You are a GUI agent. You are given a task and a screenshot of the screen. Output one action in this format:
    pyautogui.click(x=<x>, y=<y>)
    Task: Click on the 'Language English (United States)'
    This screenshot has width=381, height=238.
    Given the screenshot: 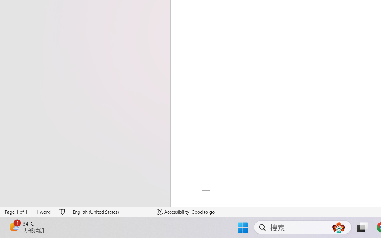 What is the action you would take?
    pyautogui.click(x=110, y=212)
    